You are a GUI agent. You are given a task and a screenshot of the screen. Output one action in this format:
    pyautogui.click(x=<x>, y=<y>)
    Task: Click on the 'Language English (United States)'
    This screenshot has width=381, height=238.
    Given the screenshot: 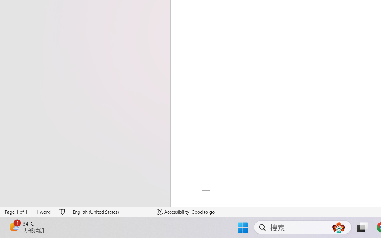 What is the action you would take?
    pyautogui.click(x=110, y=212)
    